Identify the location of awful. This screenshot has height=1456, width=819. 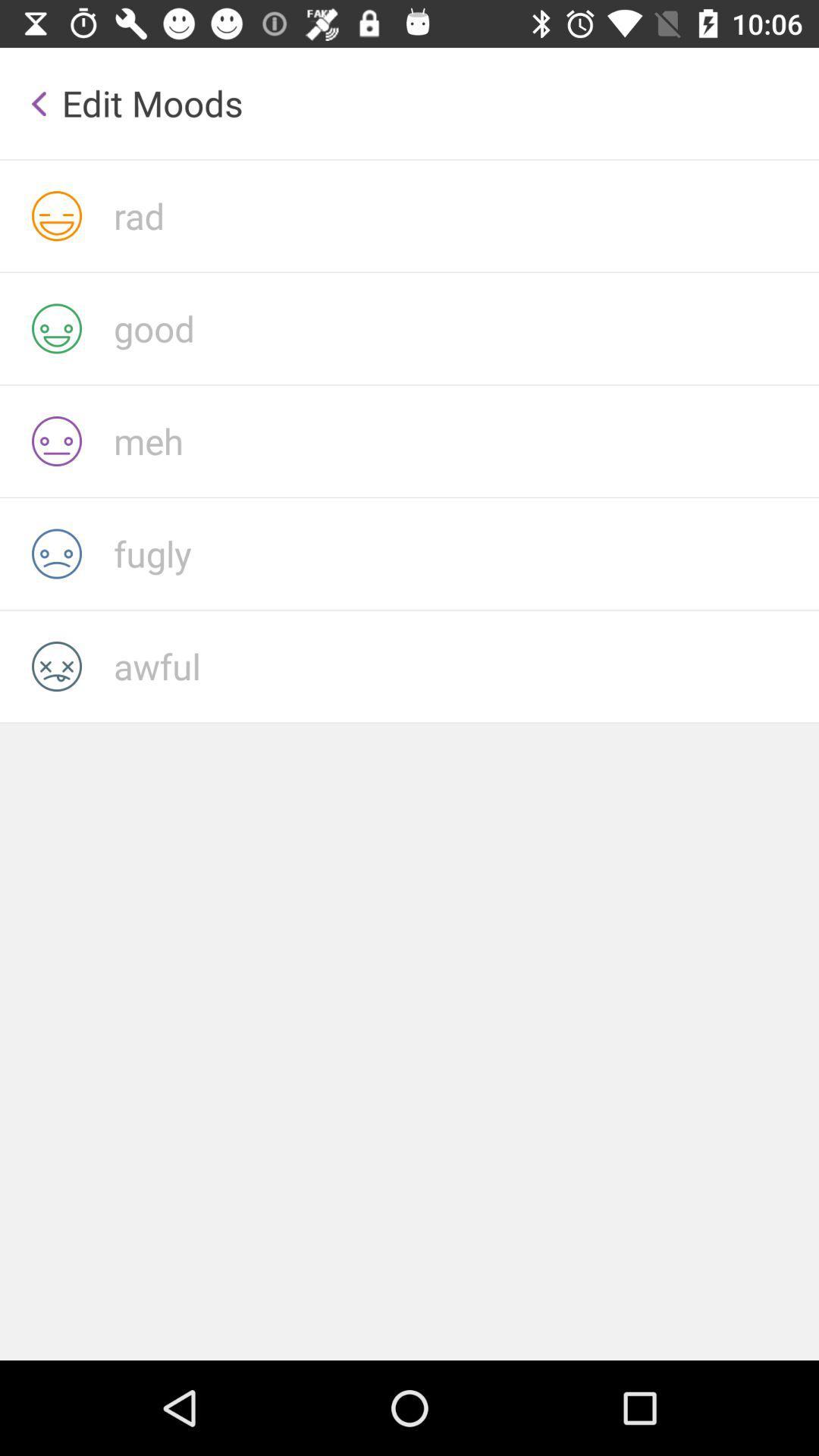
(465, 666).